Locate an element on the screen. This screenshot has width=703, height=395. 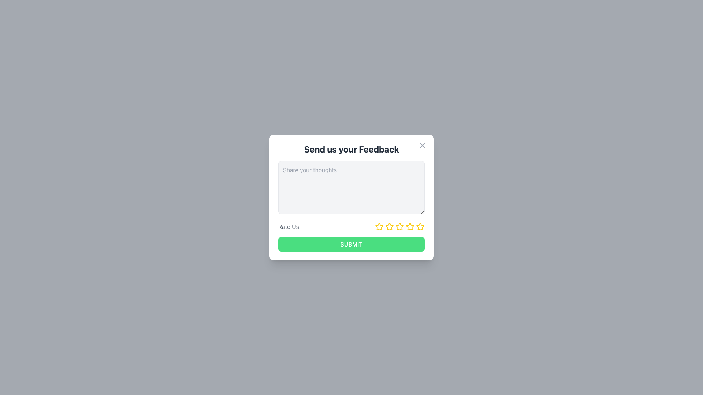
the fifth yellow star icon in the rating bar located at the lower-right section of the feedback form labeled 'Rate Us' is located at coordinates (420, 226).